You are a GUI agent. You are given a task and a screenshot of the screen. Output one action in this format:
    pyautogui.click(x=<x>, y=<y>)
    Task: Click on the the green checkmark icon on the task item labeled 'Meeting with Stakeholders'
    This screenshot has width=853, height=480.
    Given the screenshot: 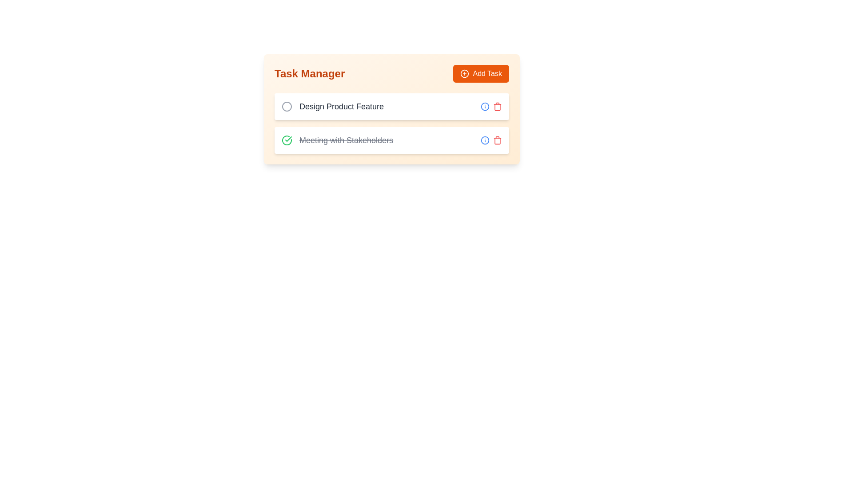 What is the action you would take?
    pyautogui.click(x=391, y=140)
    